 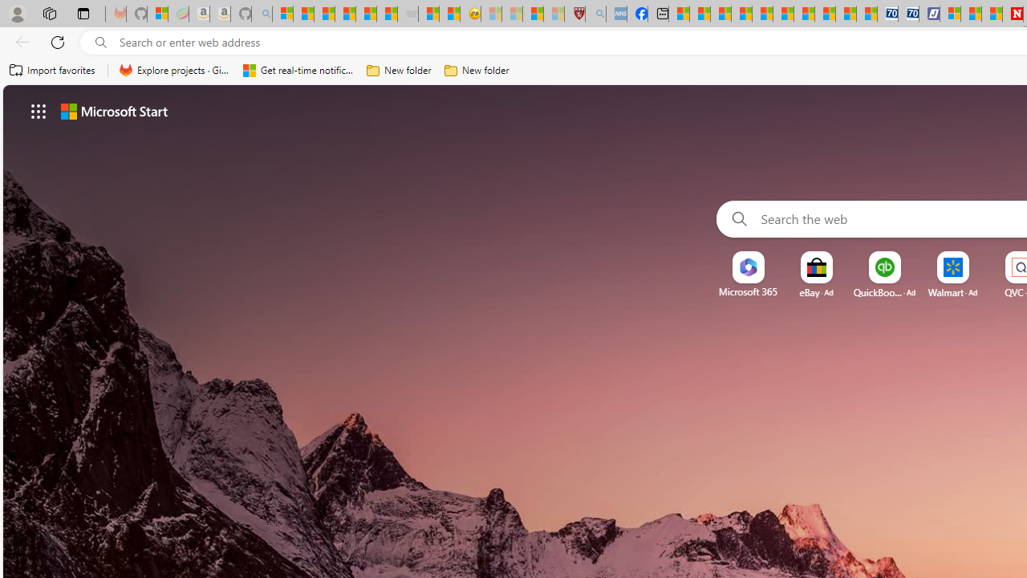 I want to click on 'Cheap Car Rentals - Save70.com', so click(x=887, y=14).